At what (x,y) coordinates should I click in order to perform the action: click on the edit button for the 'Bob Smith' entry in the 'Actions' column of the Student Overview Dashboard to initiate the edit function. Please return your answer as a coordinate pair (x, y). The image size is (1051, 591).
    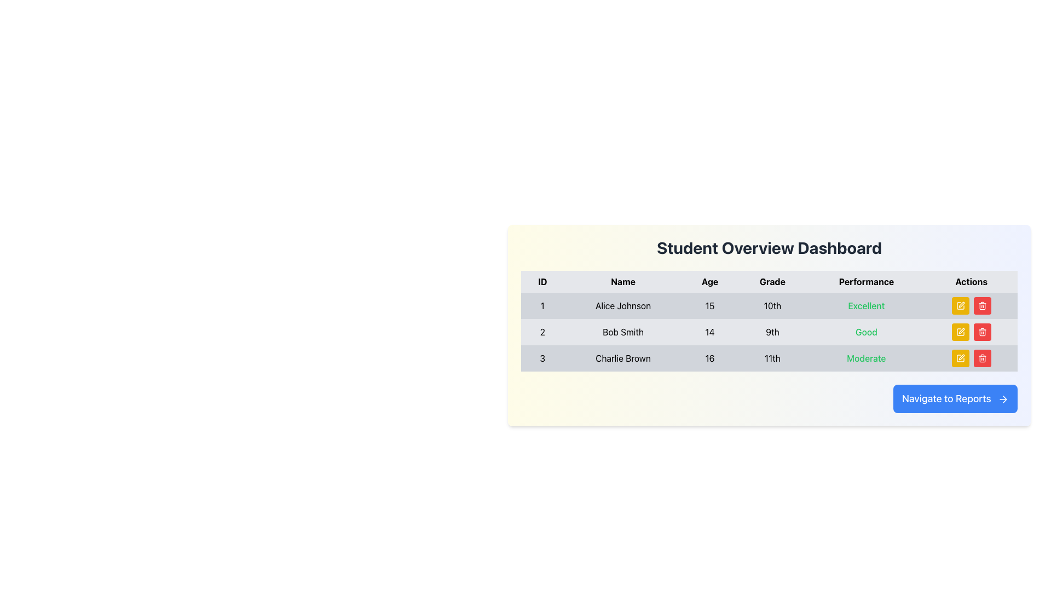
    Looking at the image, I should click on (960, 331).